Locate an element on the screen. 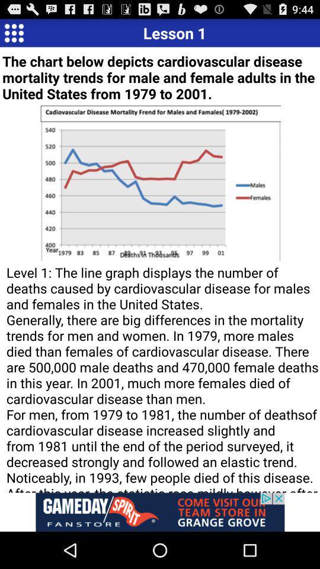  open an advertisements is located at coordinates (160, 512).